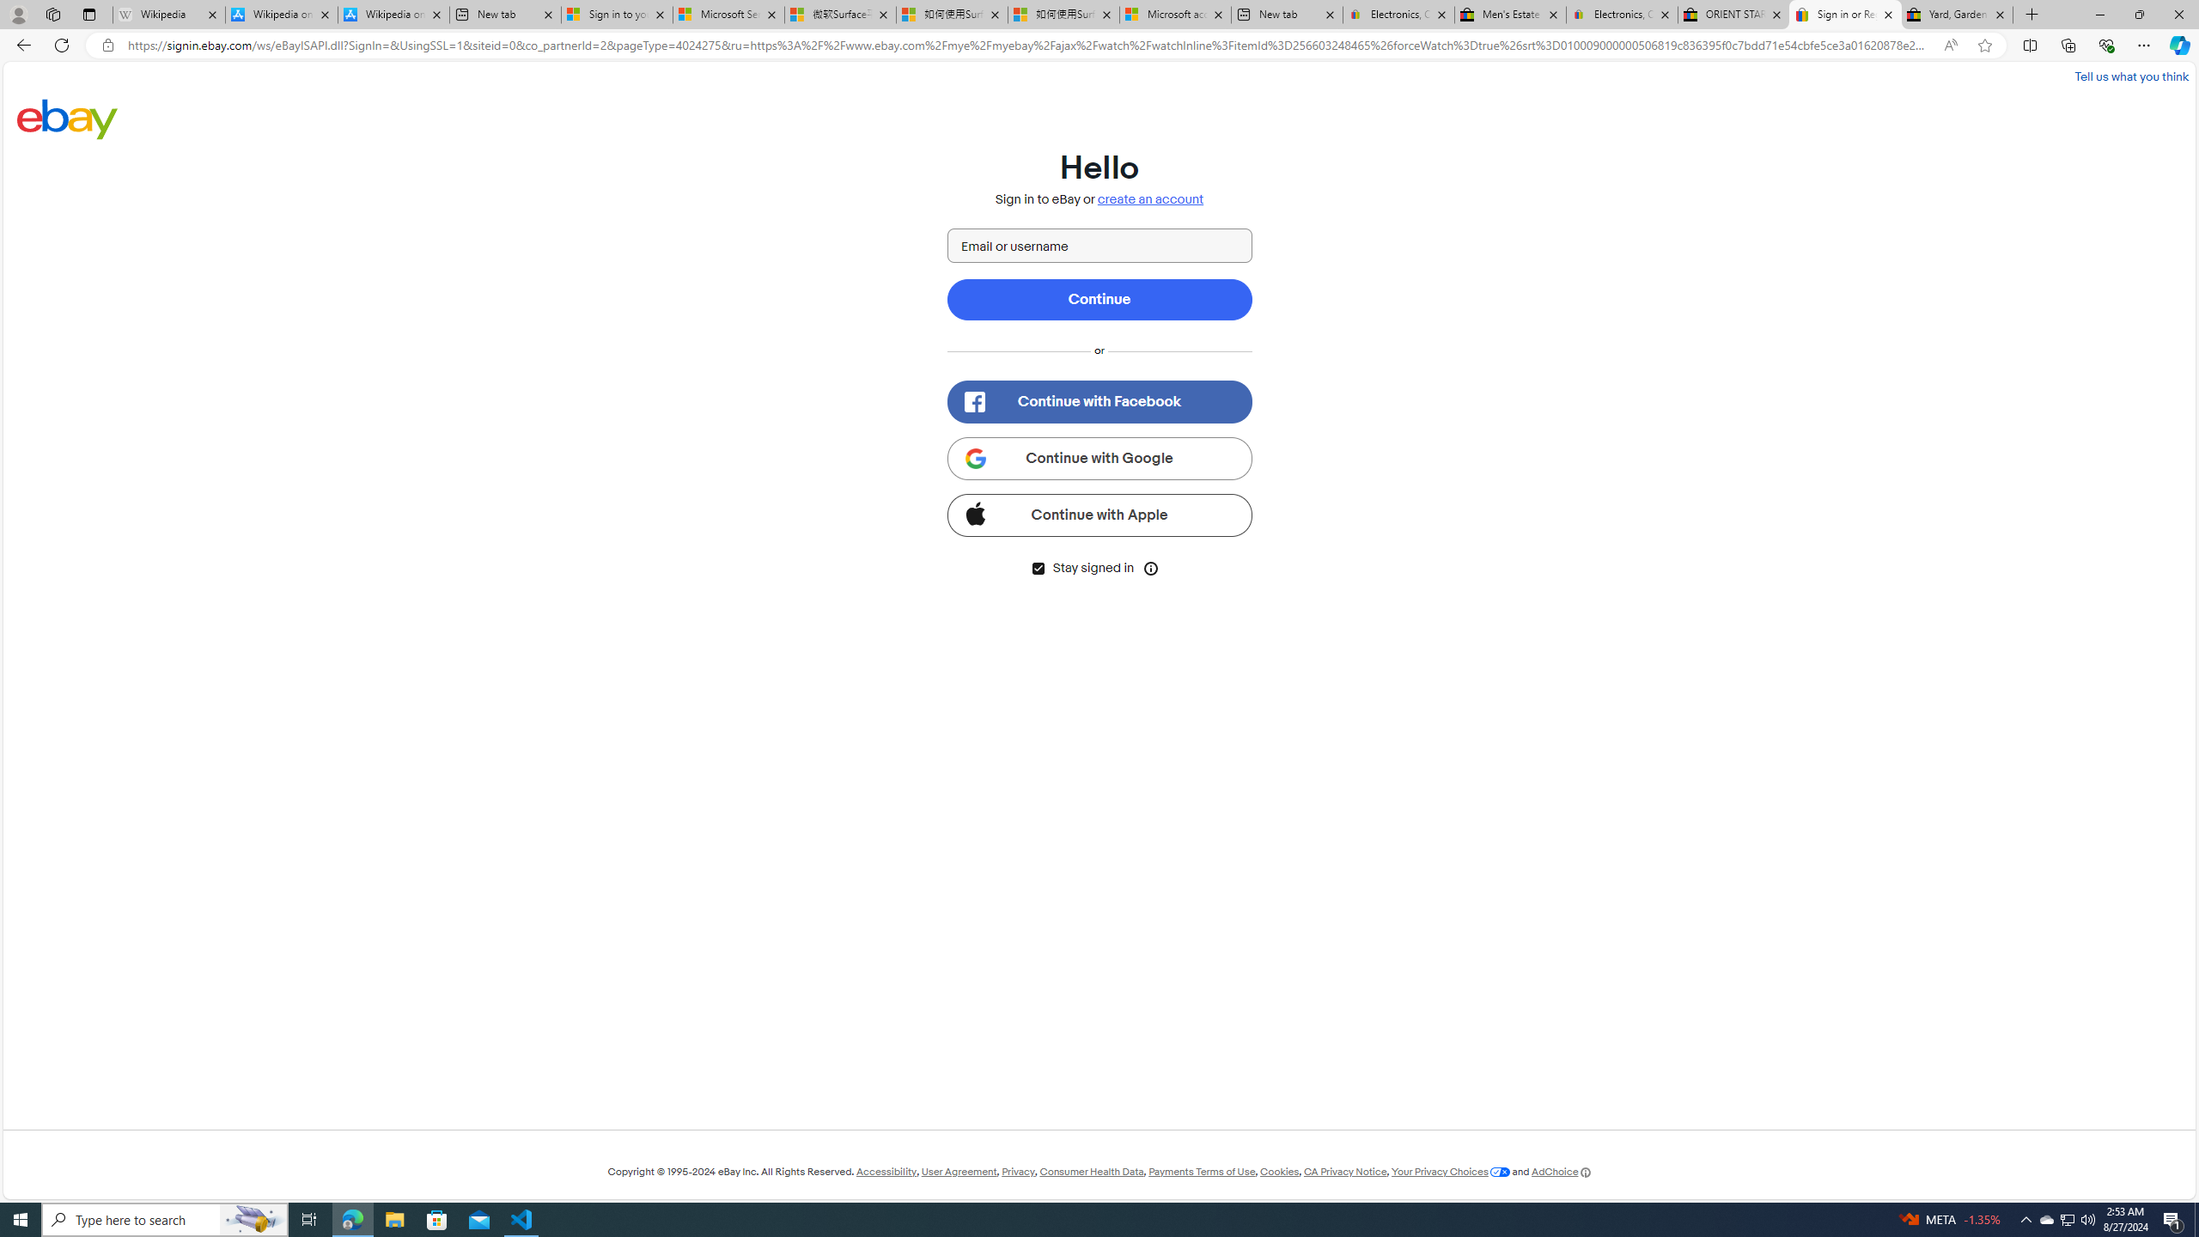 This screenshot has height=1237, width=2199. What do you see at coordinates (1152, 566) in the screenshot?
I see `'Class: icon-btn tooltip__host icon-btn--transparent'` at bounding box center [1152, 566].